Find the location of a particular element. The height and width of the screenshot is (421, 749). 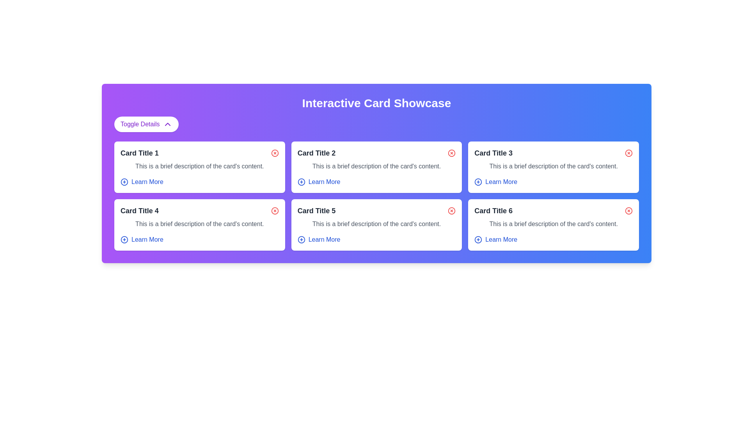

the text block containing 'This is a brief description of the card's content.' which is located inside 'Card Title 6' in the bottom-right corner of the grid layout is located at coordinates (553, 224).